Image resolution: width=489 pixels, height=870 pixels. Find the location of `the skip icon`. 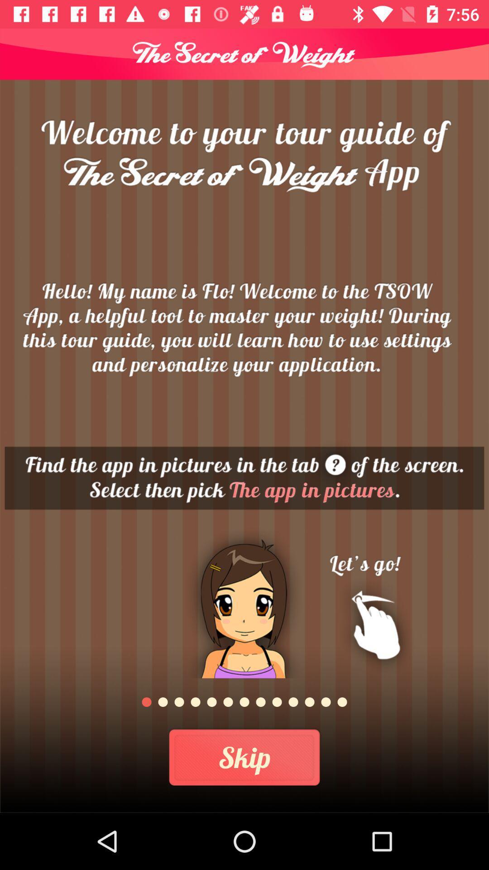

the skip icon is located at coordinates (244, 757).